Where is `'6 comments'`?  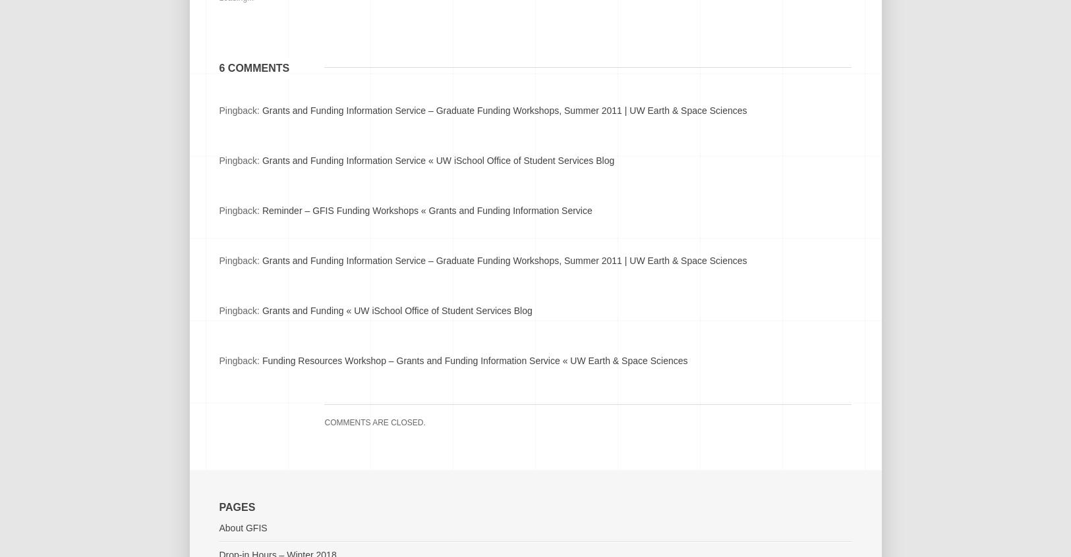 '6 comments' is located at coordinates (217, 68).